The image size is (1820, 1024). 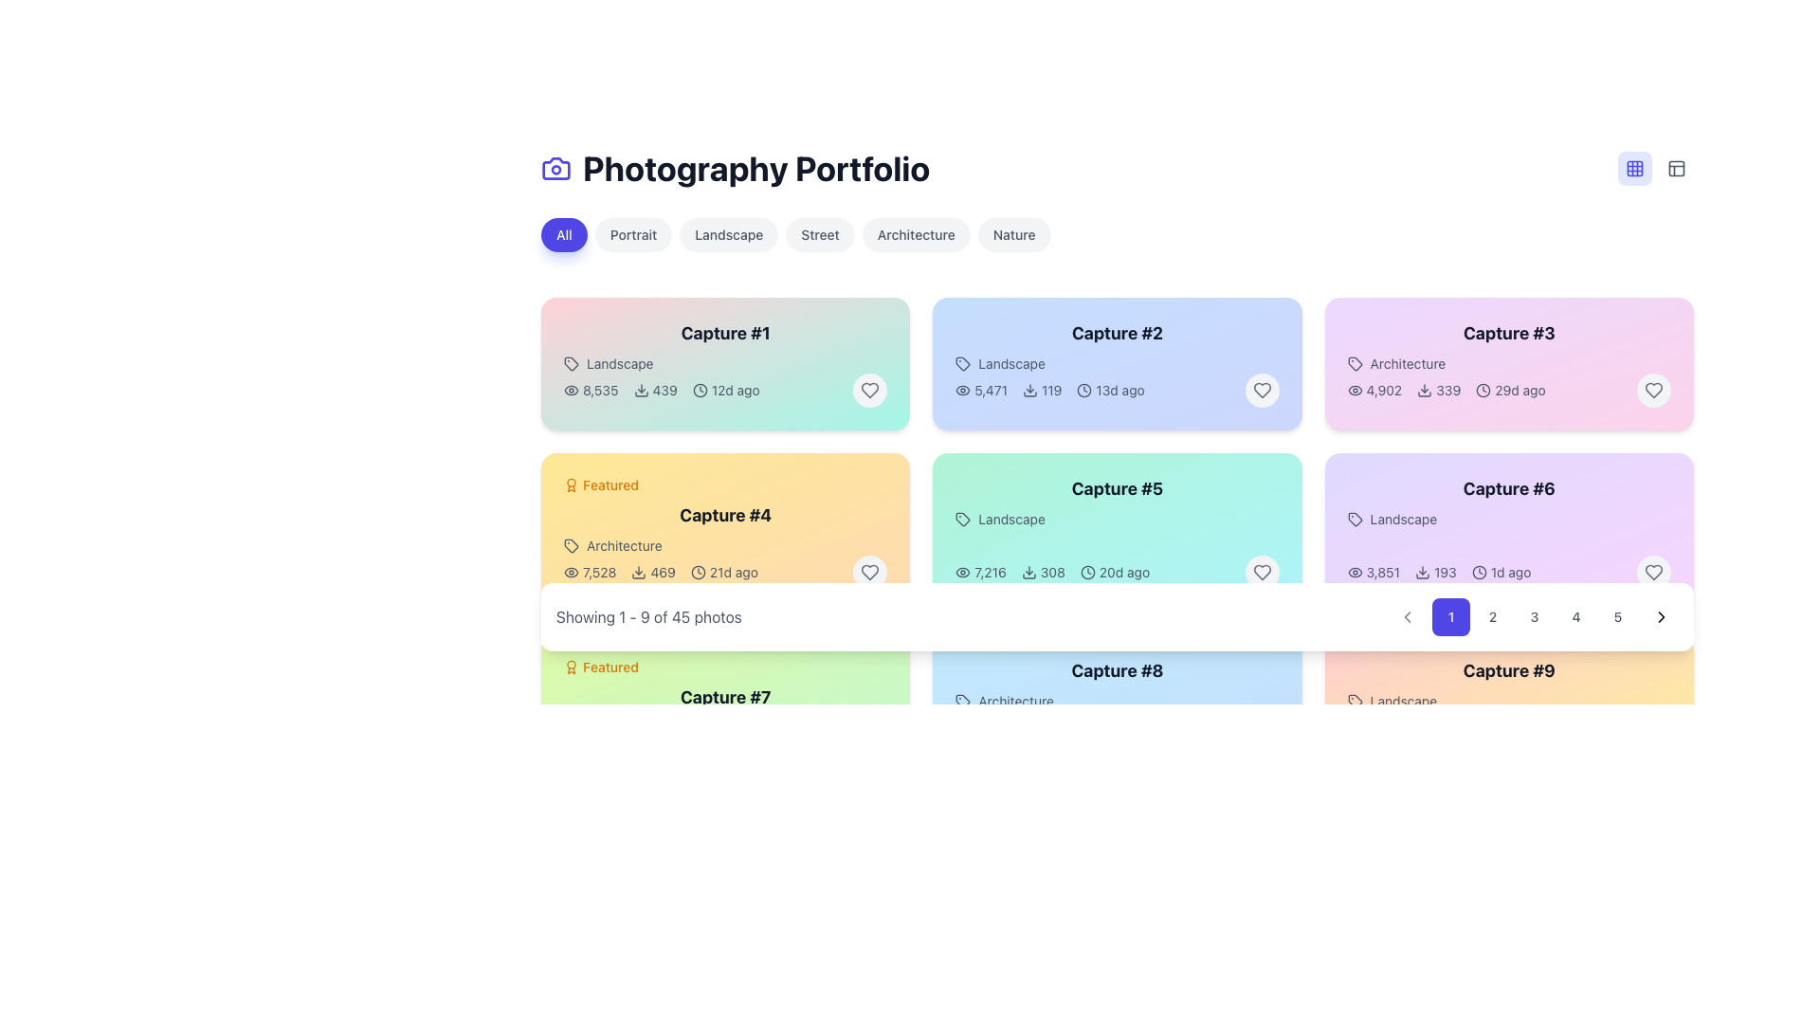 I want to click on the 'eye' icon in the top-right corner of the card within the 'Capture' section, which symbolizes views or visibility, so click(x=571, y=572).